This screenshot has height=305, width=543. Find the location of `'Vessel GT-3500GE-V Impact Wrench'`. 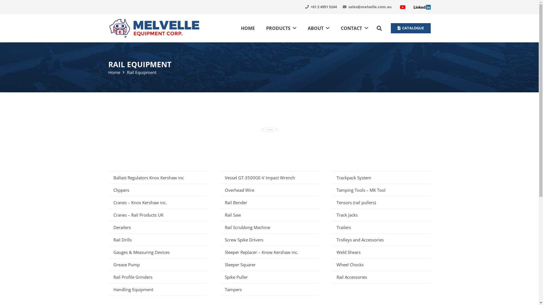

'Vessel GT-3500GE-V Impact Wrench' is located at coordinates (269, 177).